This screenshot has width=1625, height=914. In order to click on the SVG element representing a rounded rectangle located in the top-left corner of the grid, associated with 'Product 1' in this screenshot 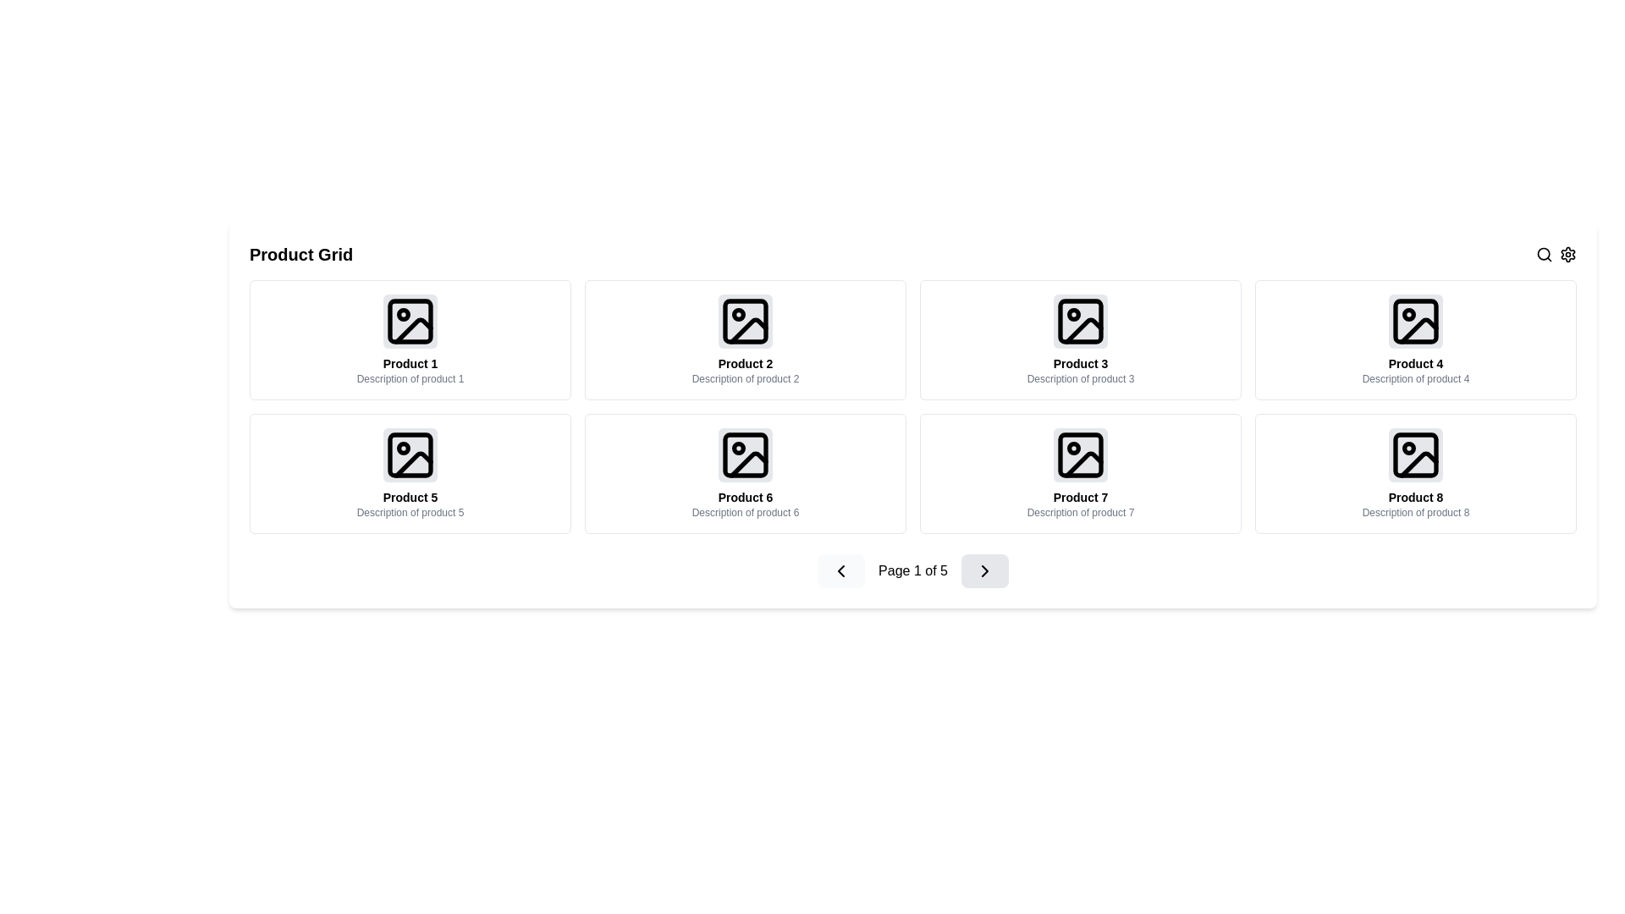, I will do `click(410, 322)`.